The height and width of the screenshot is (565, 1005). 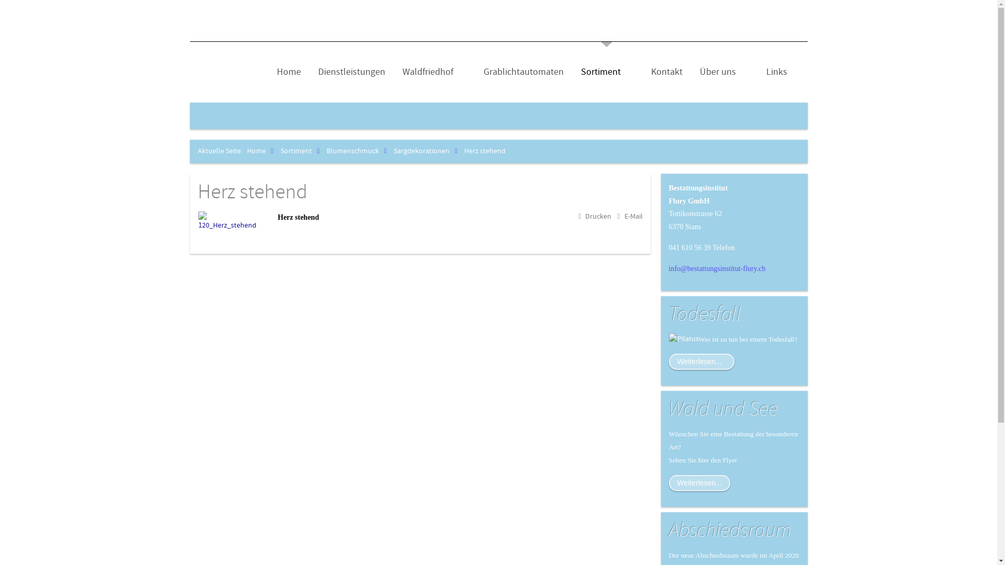 What do you see at coordinates (288, 72) in the screenshot?
I see `'Home'` at bounding box center [288, 72].